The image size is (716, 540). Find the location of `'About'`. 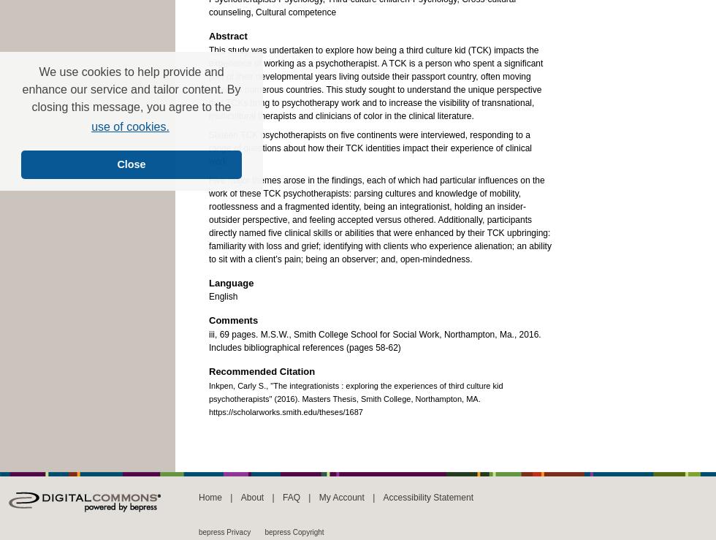

'About' is located at coordinates (251, 496).